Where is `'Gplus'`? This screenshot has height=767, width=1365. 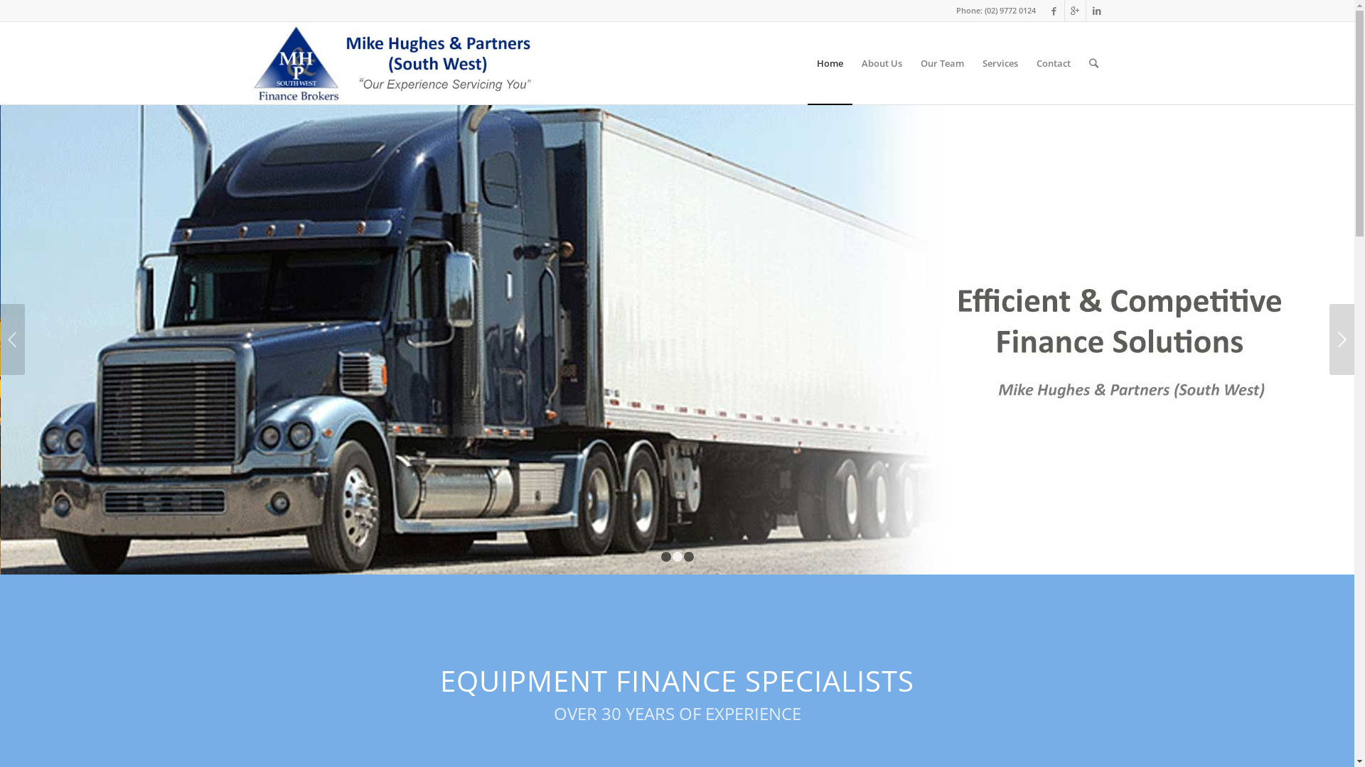 'Gplus' is located at coordinates (1075, 11).